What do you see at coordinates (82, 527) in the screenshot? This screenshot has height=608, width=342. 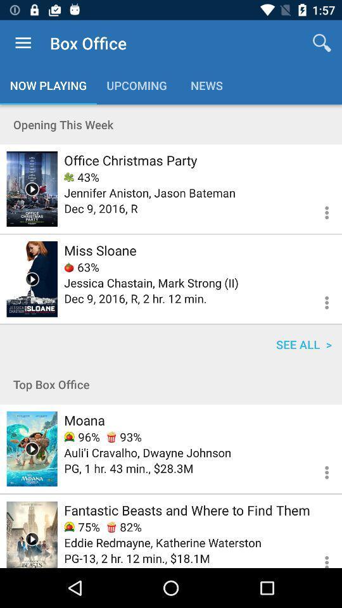 I see `75% item` at bounding box center [82, 527].